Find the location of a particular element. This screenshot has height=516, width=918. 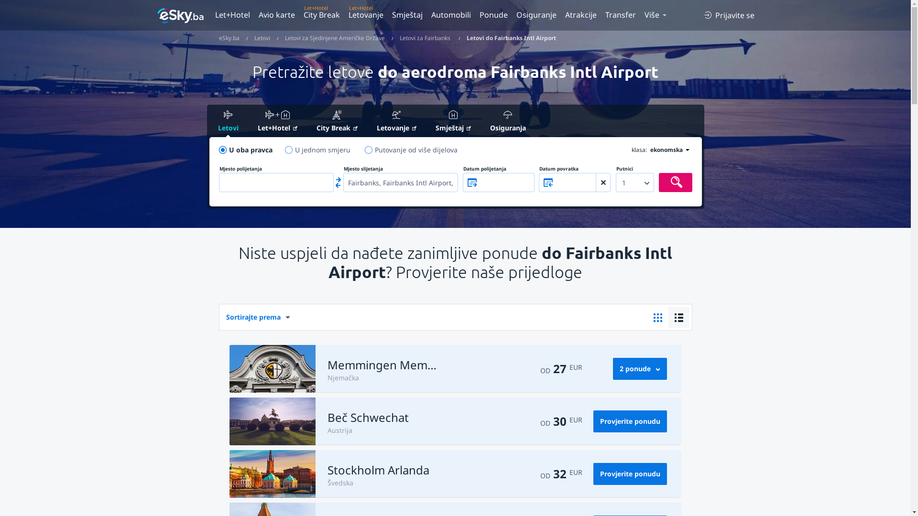

'Osiguranja' is located at coordinates (481, 121).